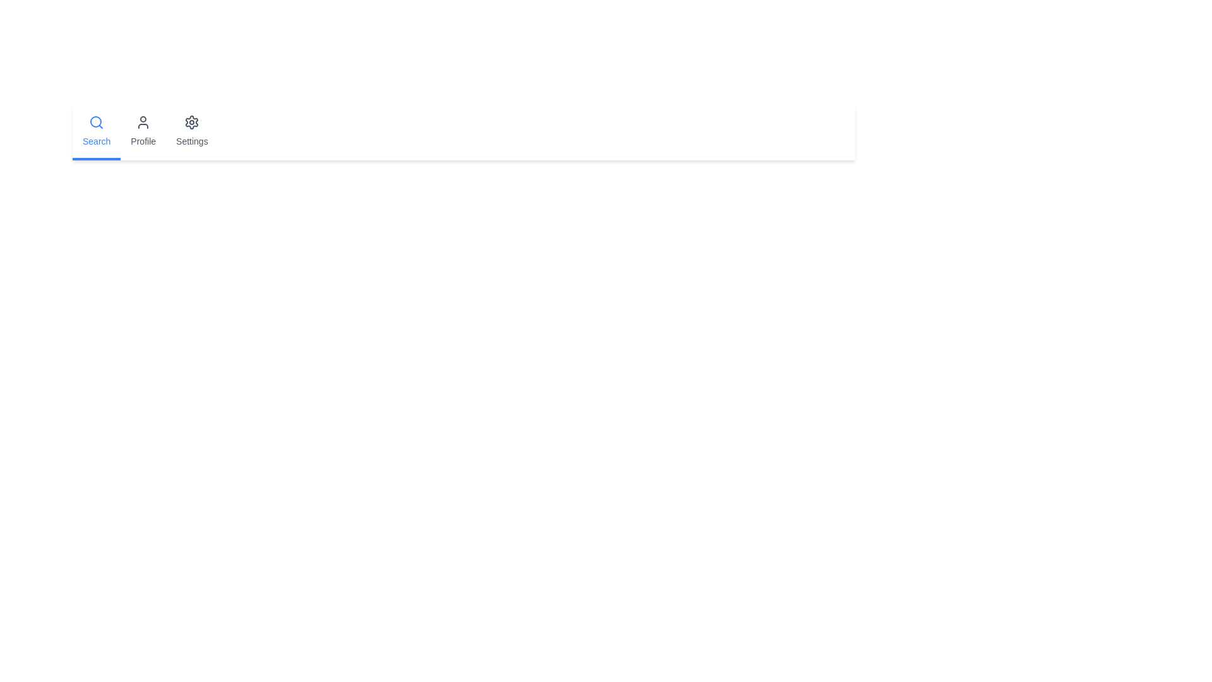  I want to click on the settings icon located in the header, positioned to the right of the Profile icon and left of the Settings label, so click(191, 122).